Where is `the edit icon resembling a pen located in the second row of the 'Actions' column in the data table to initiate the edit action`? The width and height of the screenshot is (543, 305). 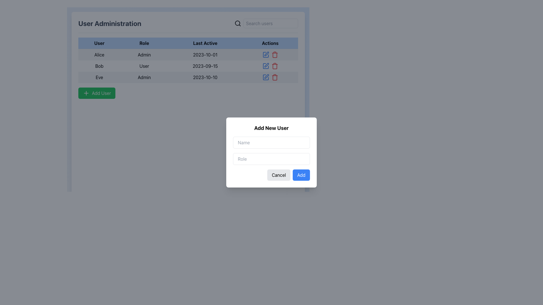
the edit icon resembling a pen located in the second row of the 'Actions' column in the data table to initiate the edit action is located at coordinates (266, 65).